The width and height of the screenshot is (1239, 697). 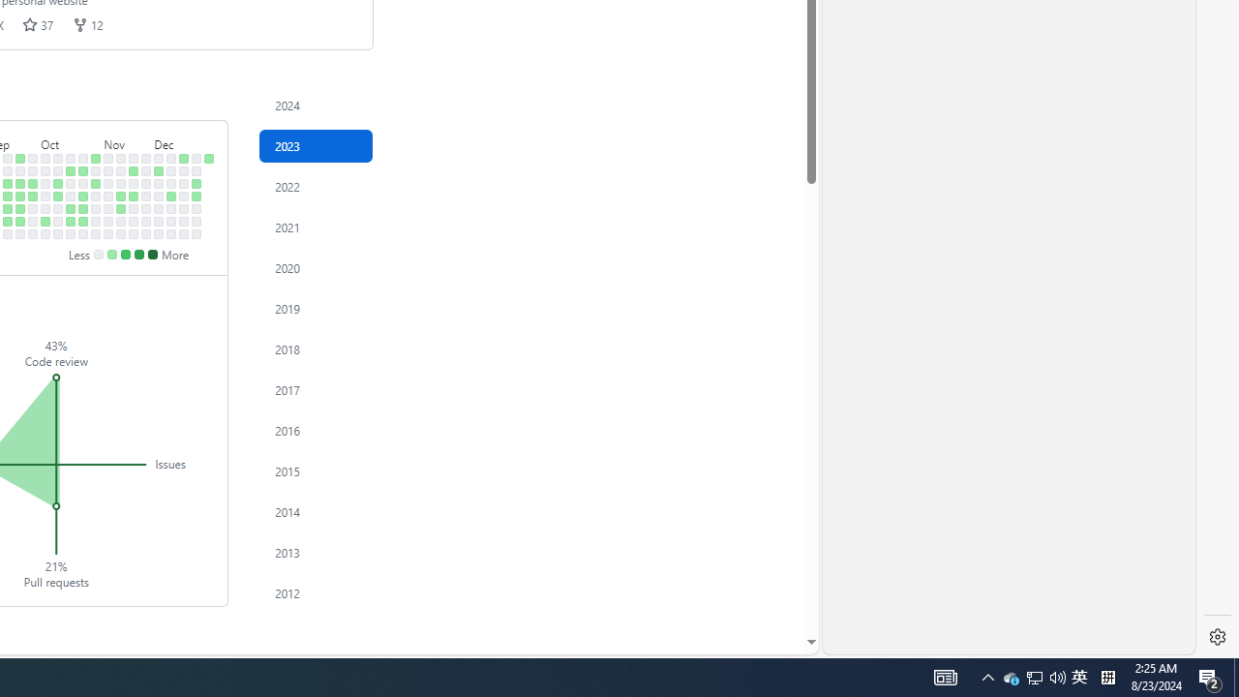 I want to click on 'No contributions on October 12th.', so click(x=58, y=208).